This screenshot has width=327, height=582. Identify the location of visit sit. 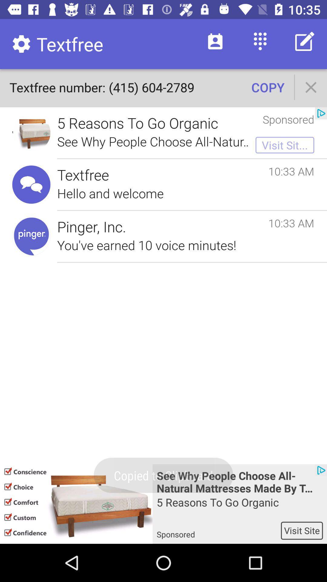
(285, 145).